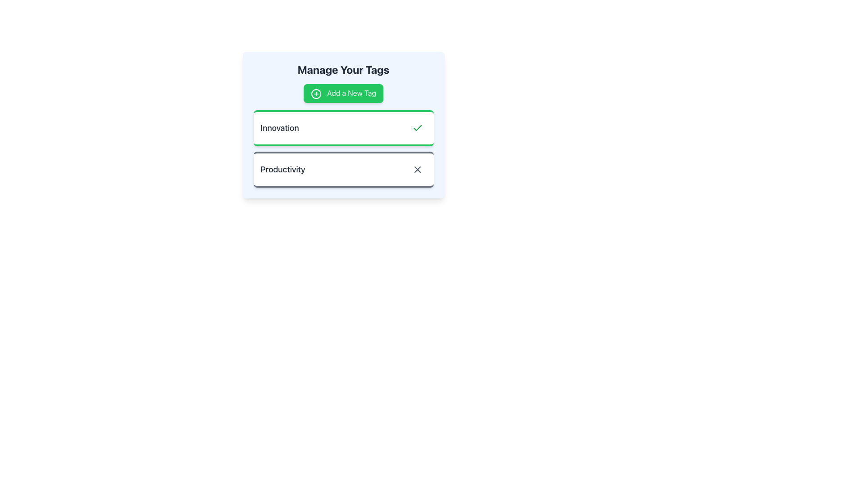 This screenshot has height=486, width=865. What do you see at coordinates (316, 94) in the screenshot?
I see `the central circular element of the '+' icon within the 'Add a New Tag' button, located in the middle of the interface under the 'Manage Your Tags' header` at bounding box center [316, 94].